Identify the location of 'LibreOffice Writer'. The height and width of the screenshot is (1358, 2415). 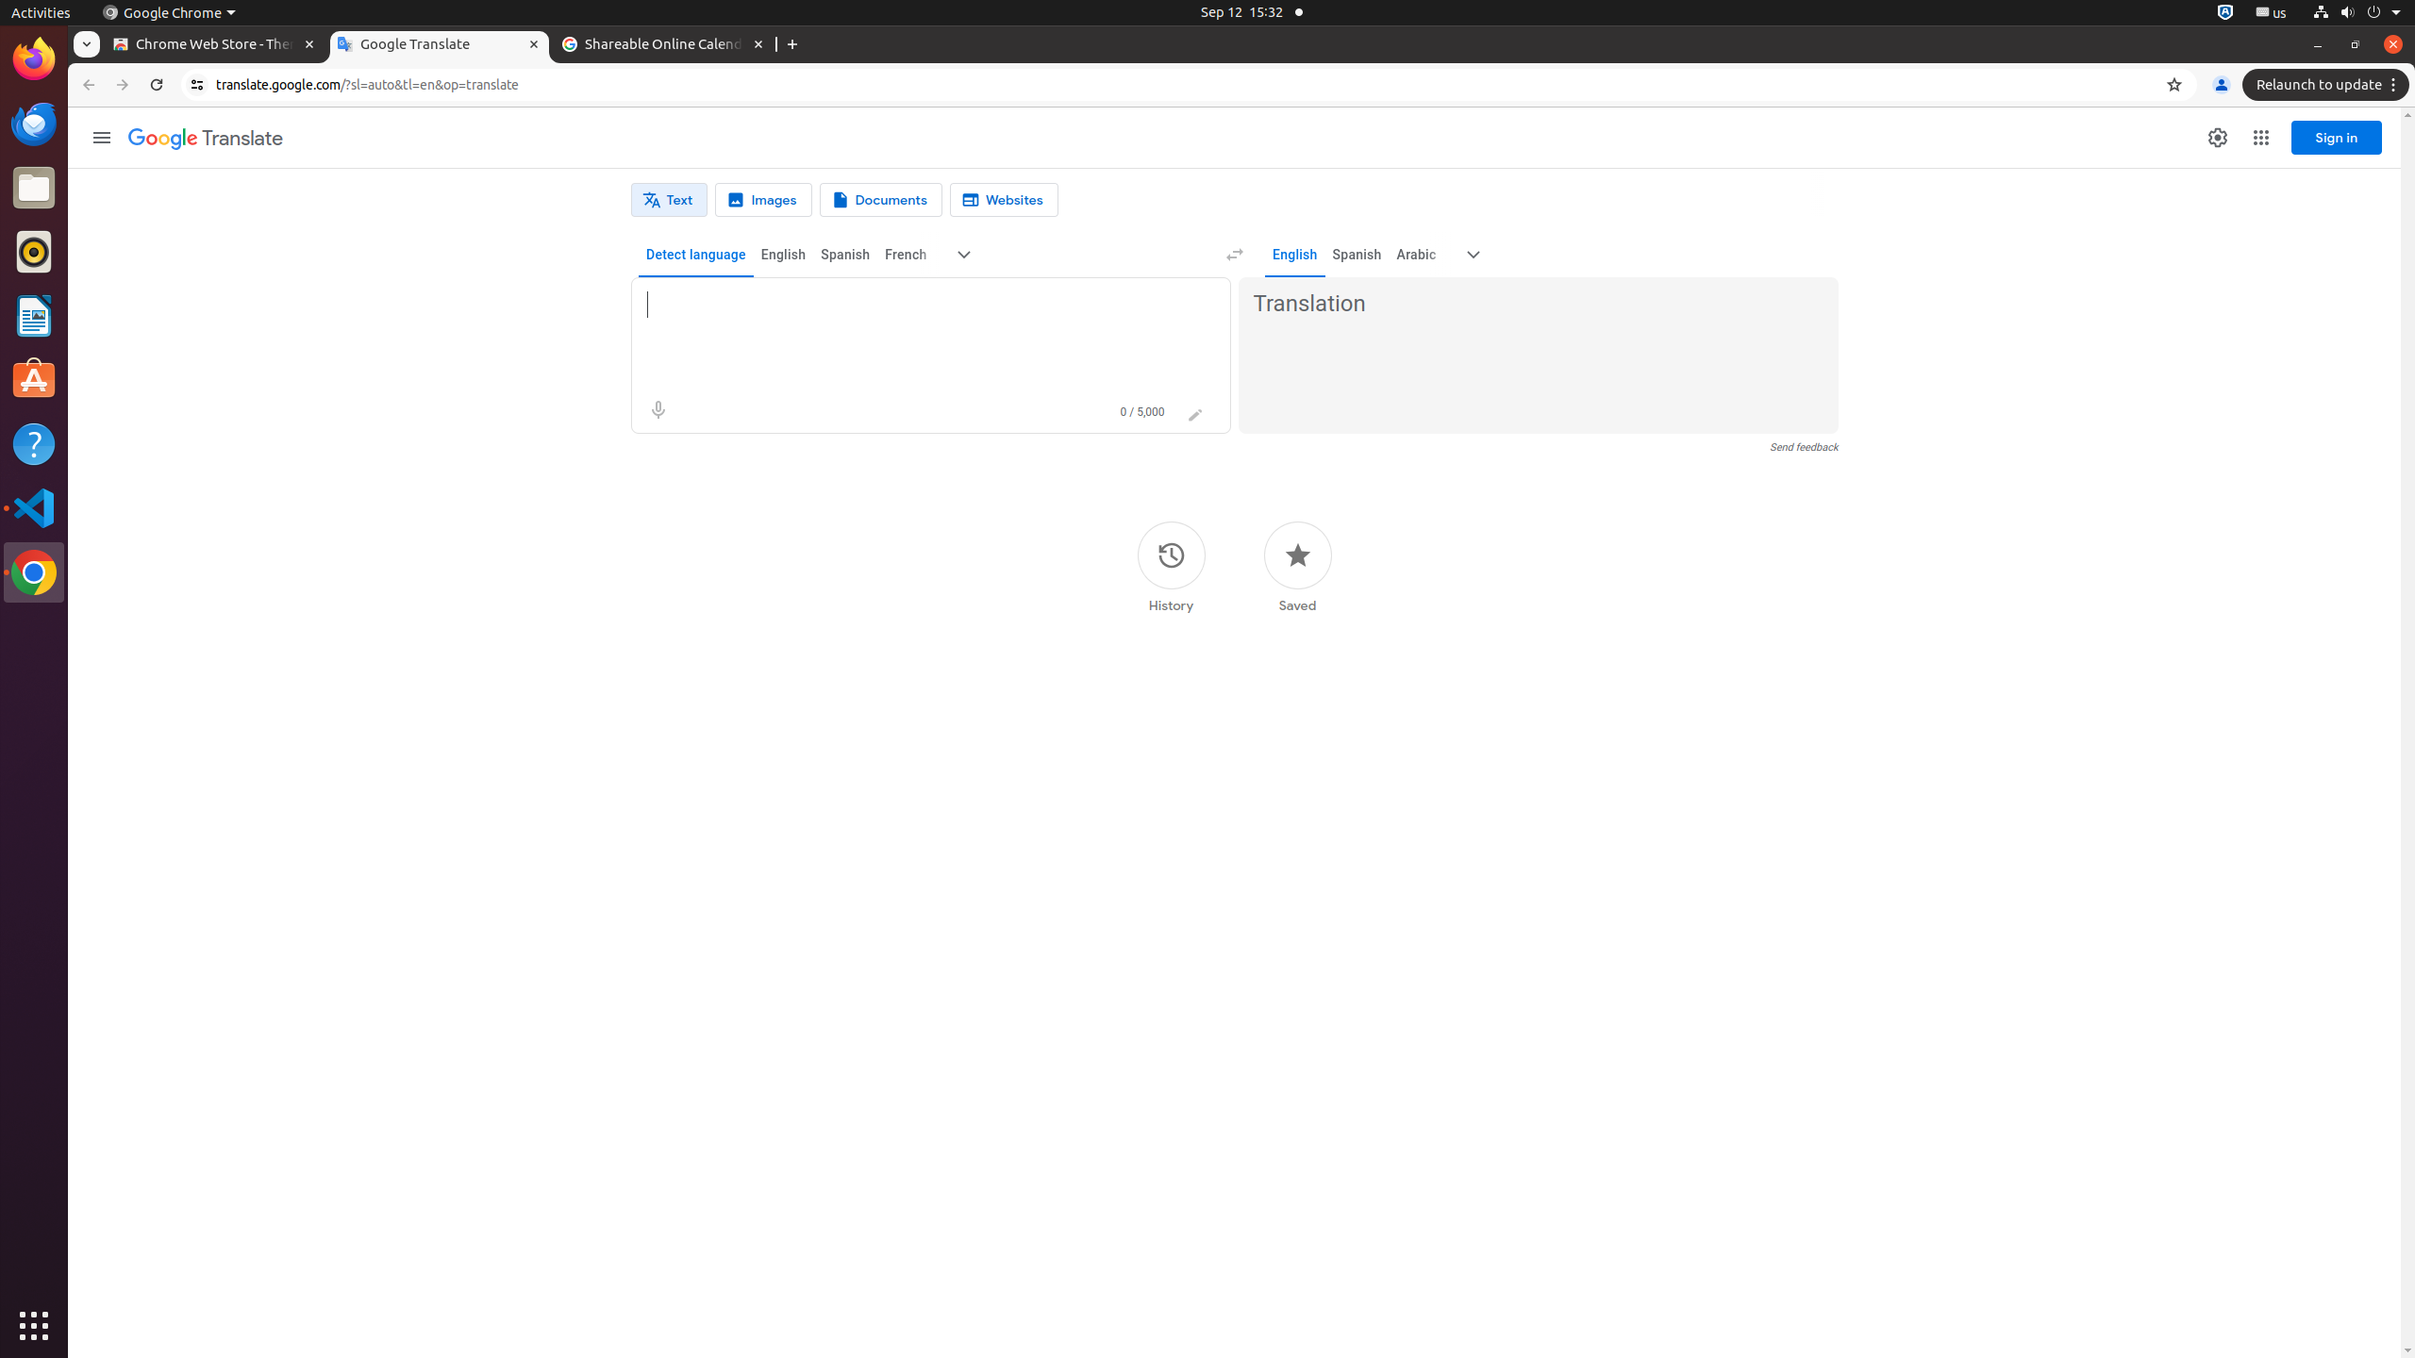
(34, 314).